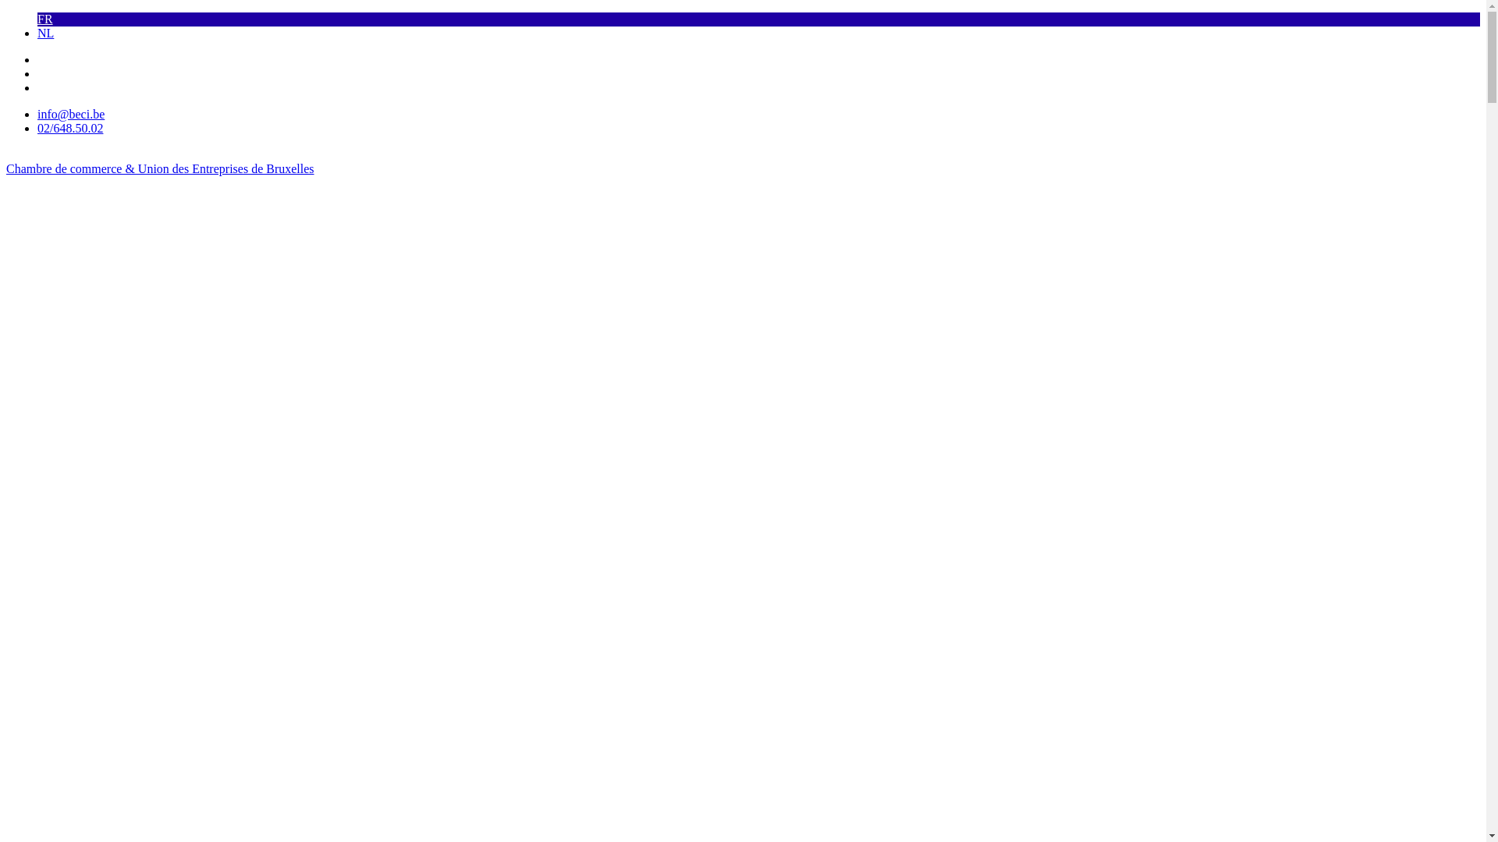 The height and width of the screenshot is (842, 1498). I want to click on 'FR', so click(37, 19).